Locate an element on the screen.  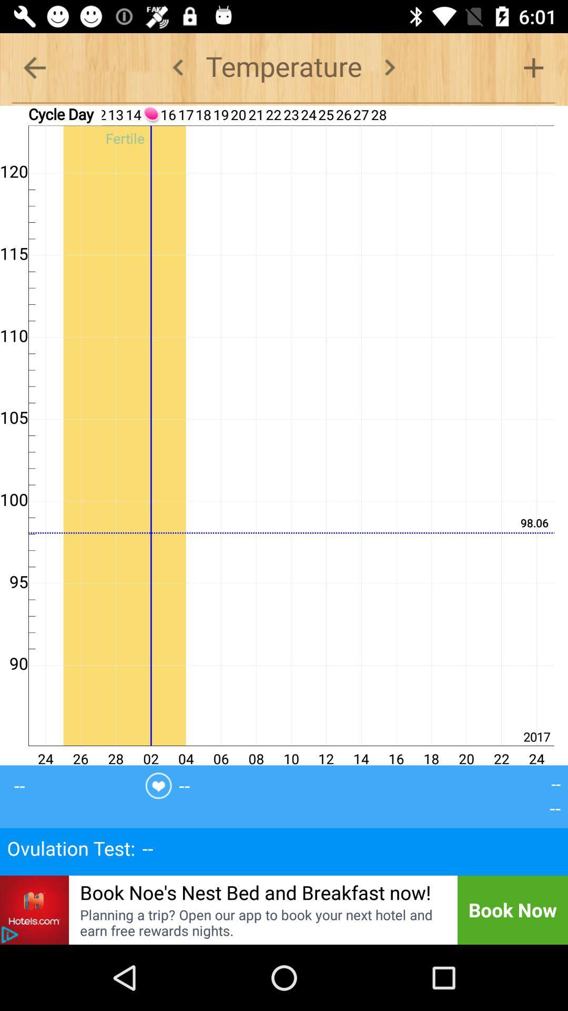
the arrow_backward icon is located at coordinates (34, 67).